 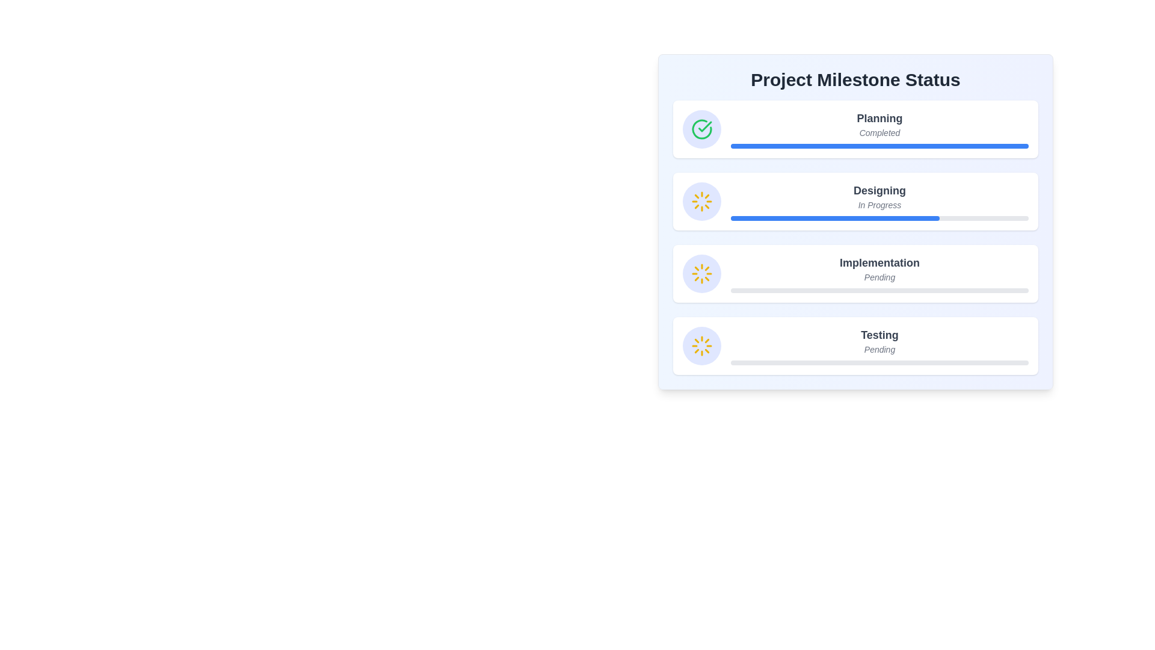 I want to click on the circular icon with a green outline and a checkmark in the center, located in the top-left corner of the 'Planning' card, which signifies a completed task, so click(x=701, y=129).